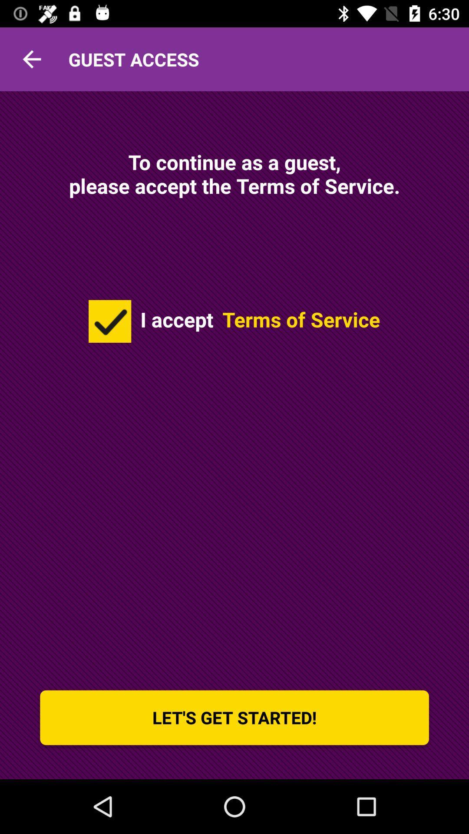 The height and width of the screenshot is (834, 469). Describe the element at coordinates (31, 59) in the screenshot. I see `icon next to the guest access item` at that location.